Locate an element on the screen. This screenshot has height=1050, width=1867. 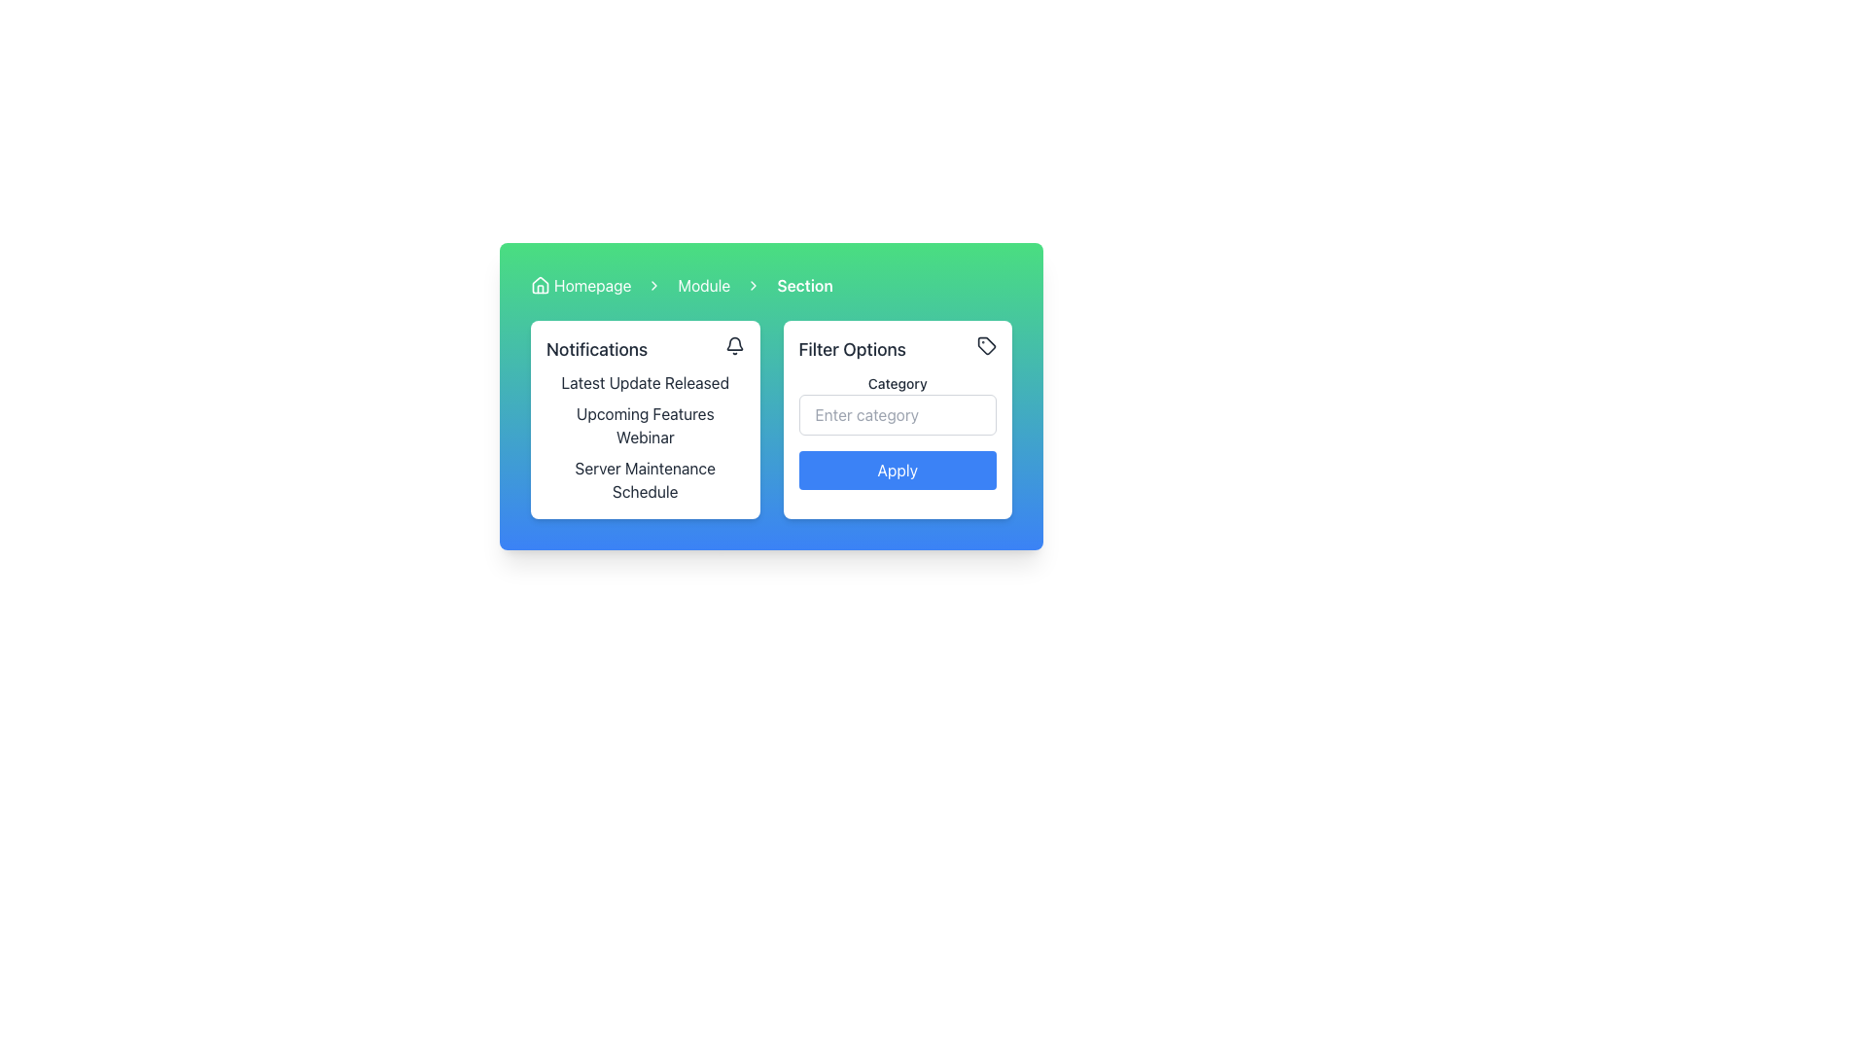
the filter options icon located in the top-right corner of the 'Filter Options' block, positioned above the input field and beside the red close button is located at coordinates (986, 344).